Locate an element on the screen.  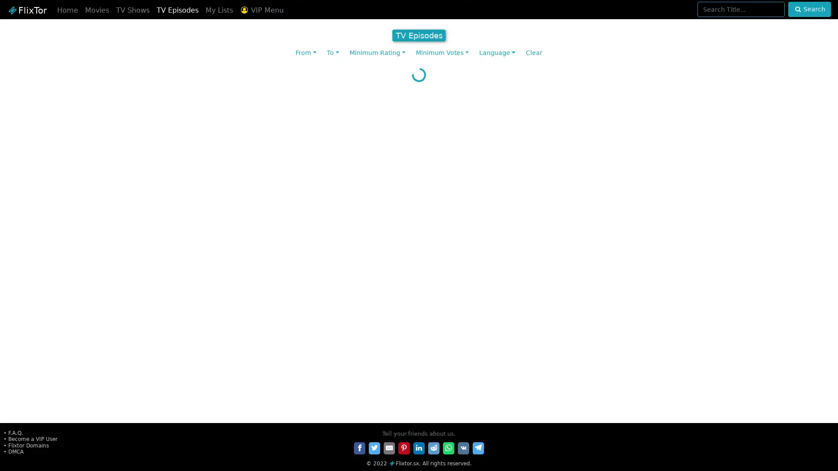
Watch Now is located at coordinates (667, 191).